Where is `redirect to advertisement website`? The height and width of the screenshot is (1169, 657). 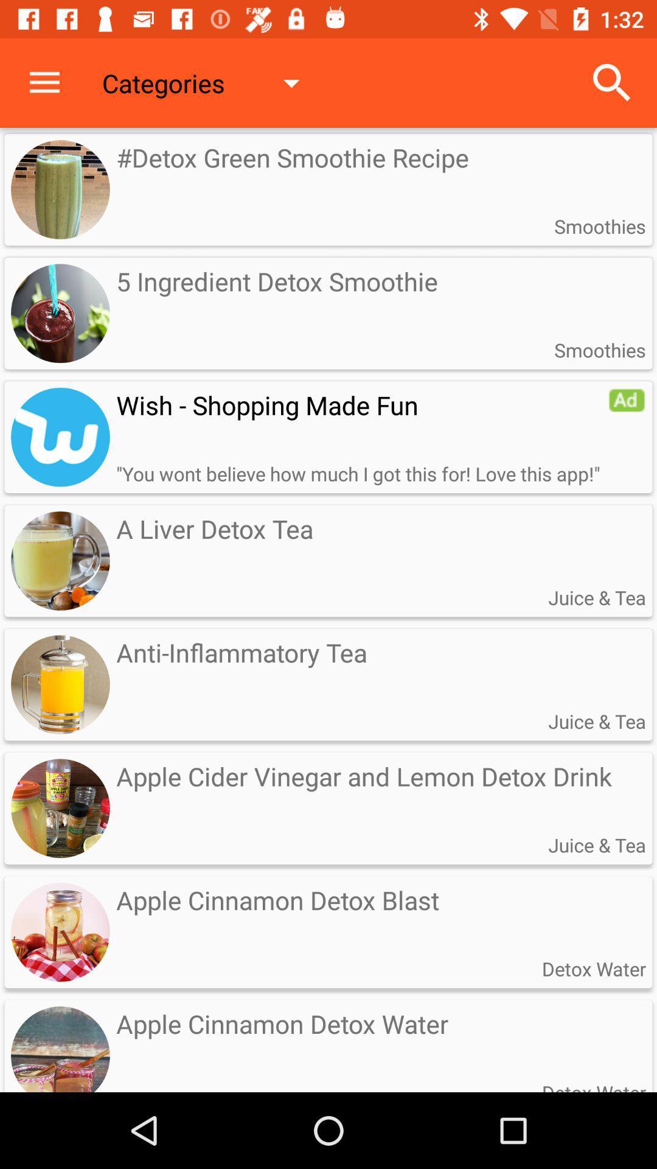 redirect to advertisement website is located at coordinates (627, 400).